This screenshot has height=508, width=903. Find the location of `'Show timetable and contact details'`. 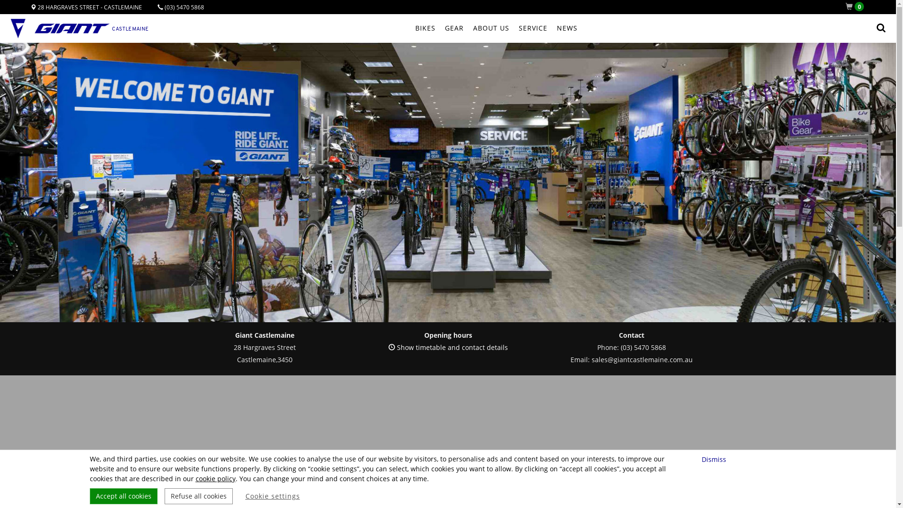

'Show timetable and contact details' is located at coordinates (388, 347).